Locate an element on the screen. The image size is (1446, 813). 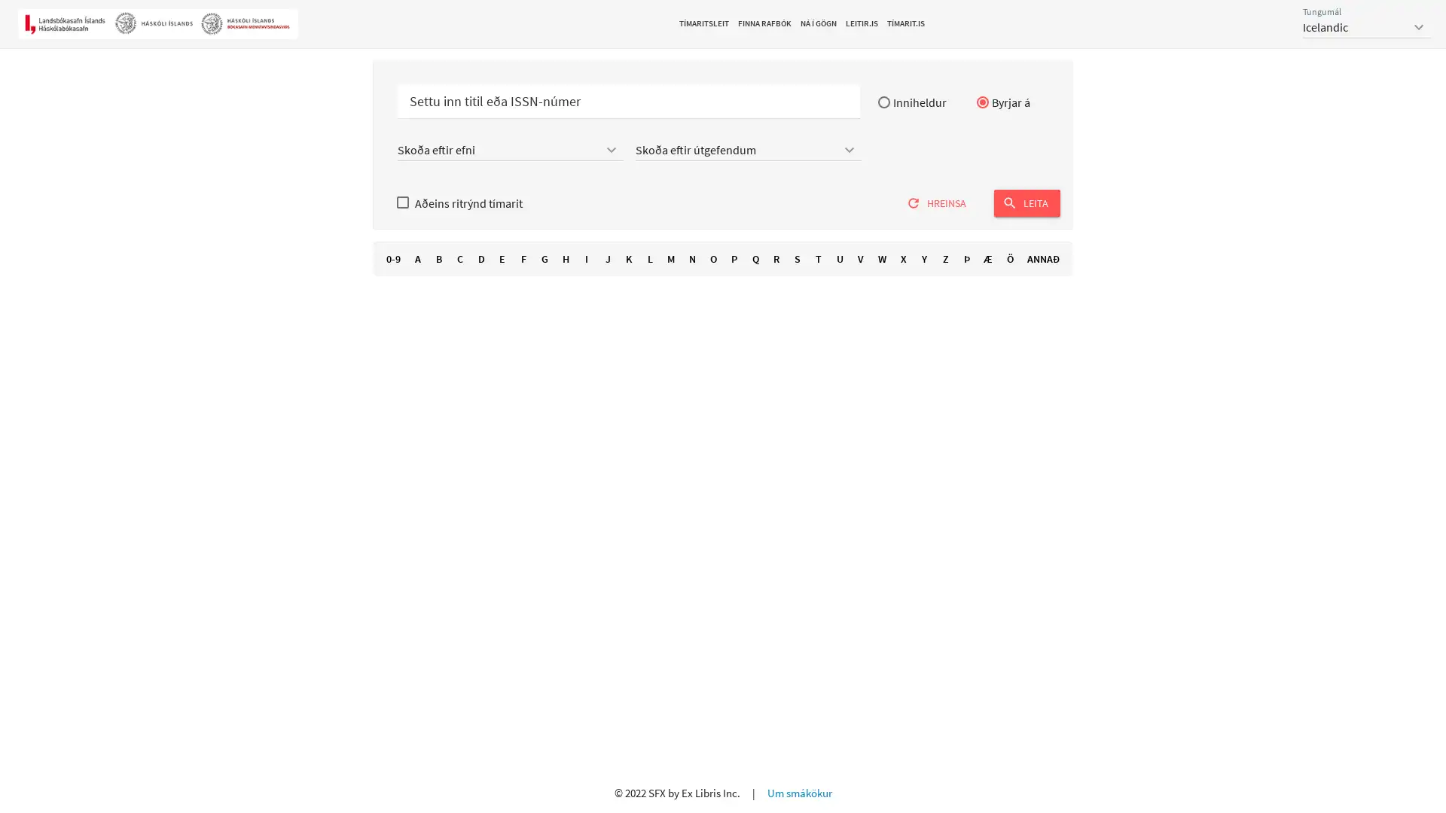
Y is located at coordinates (923, 257).